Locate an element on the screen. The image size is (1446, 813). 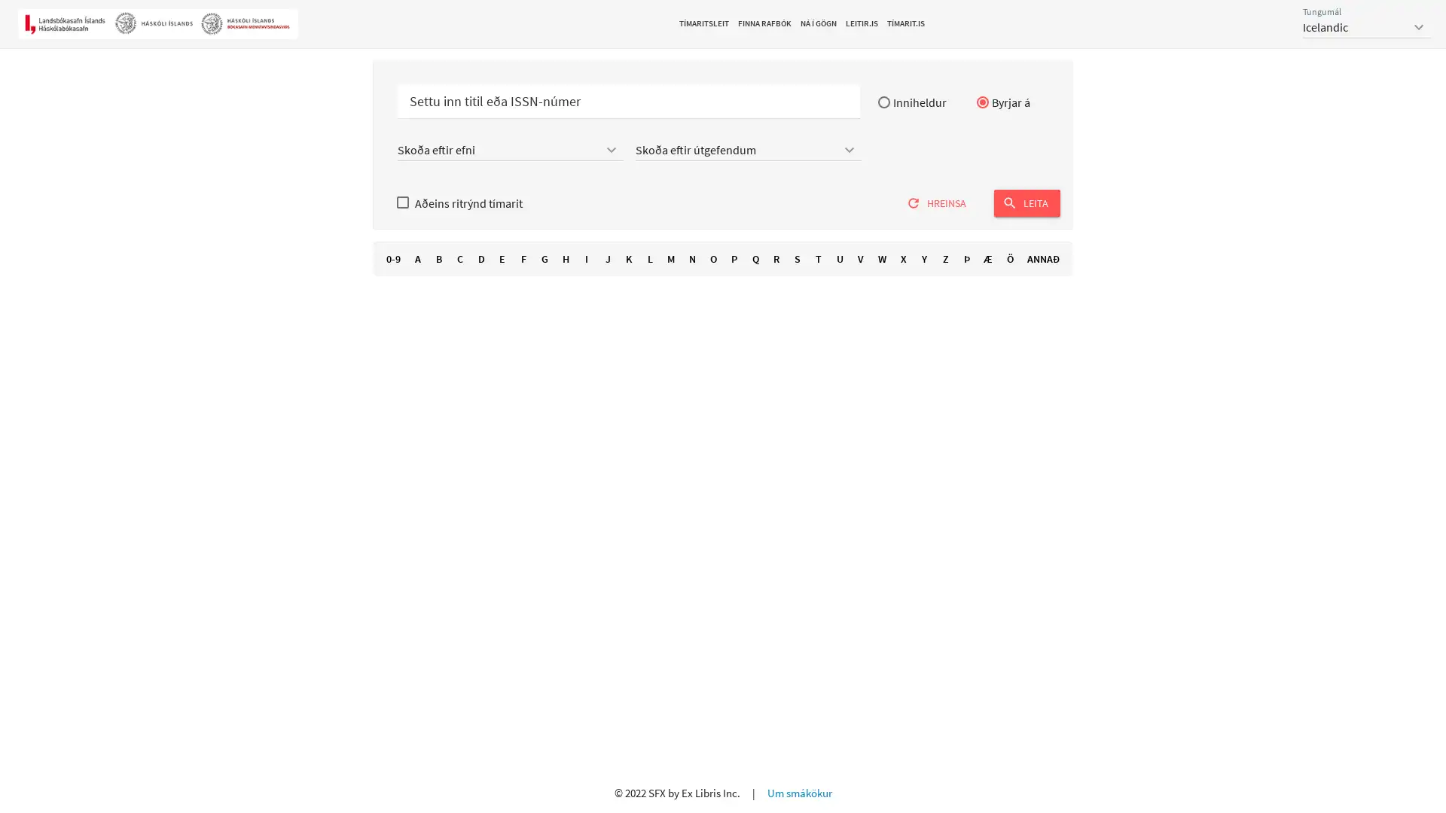
Y is located at coordinates (923, 257).